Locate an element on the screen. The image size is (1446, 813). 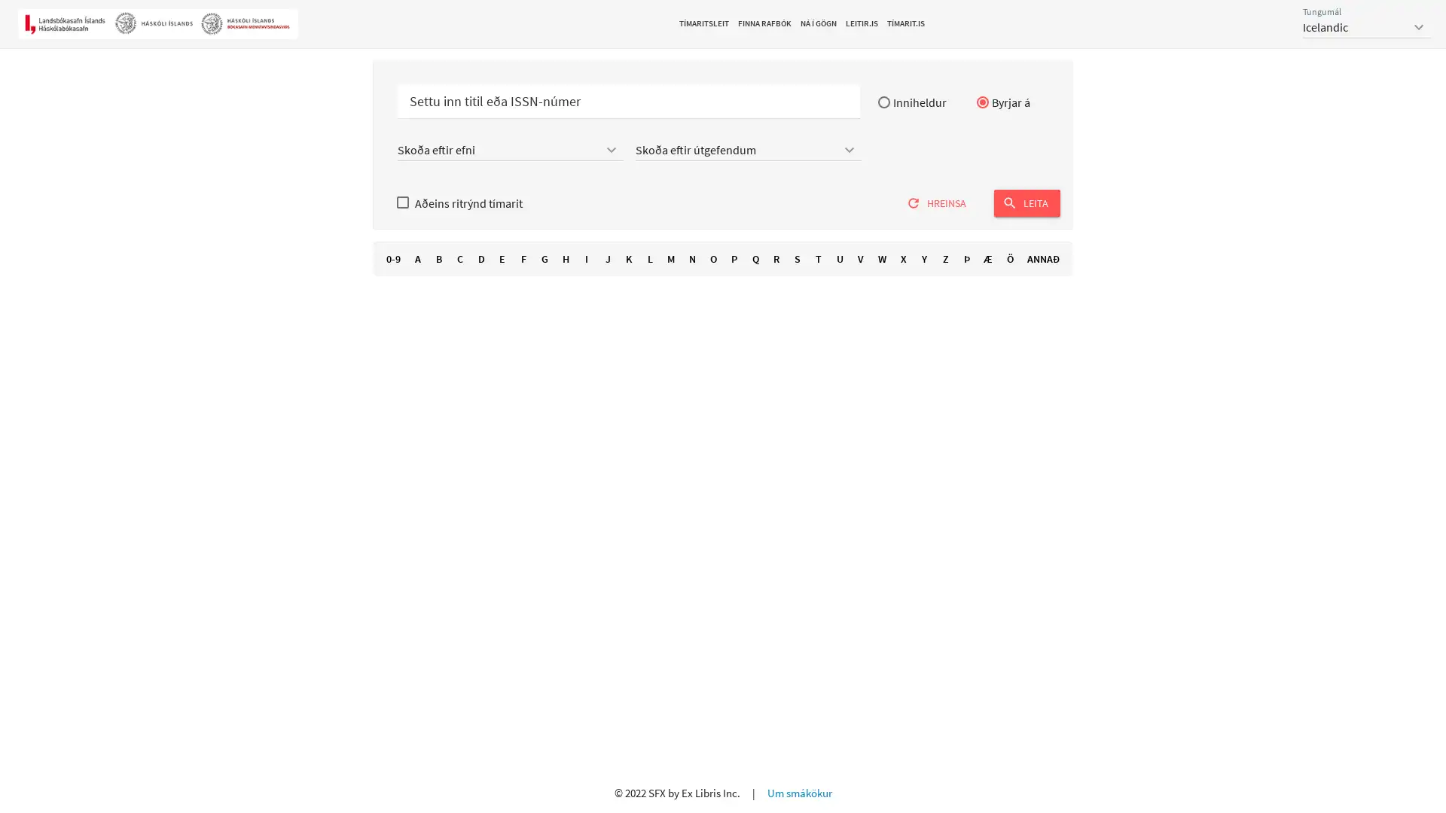
Y is located at coordinates (923, 257).